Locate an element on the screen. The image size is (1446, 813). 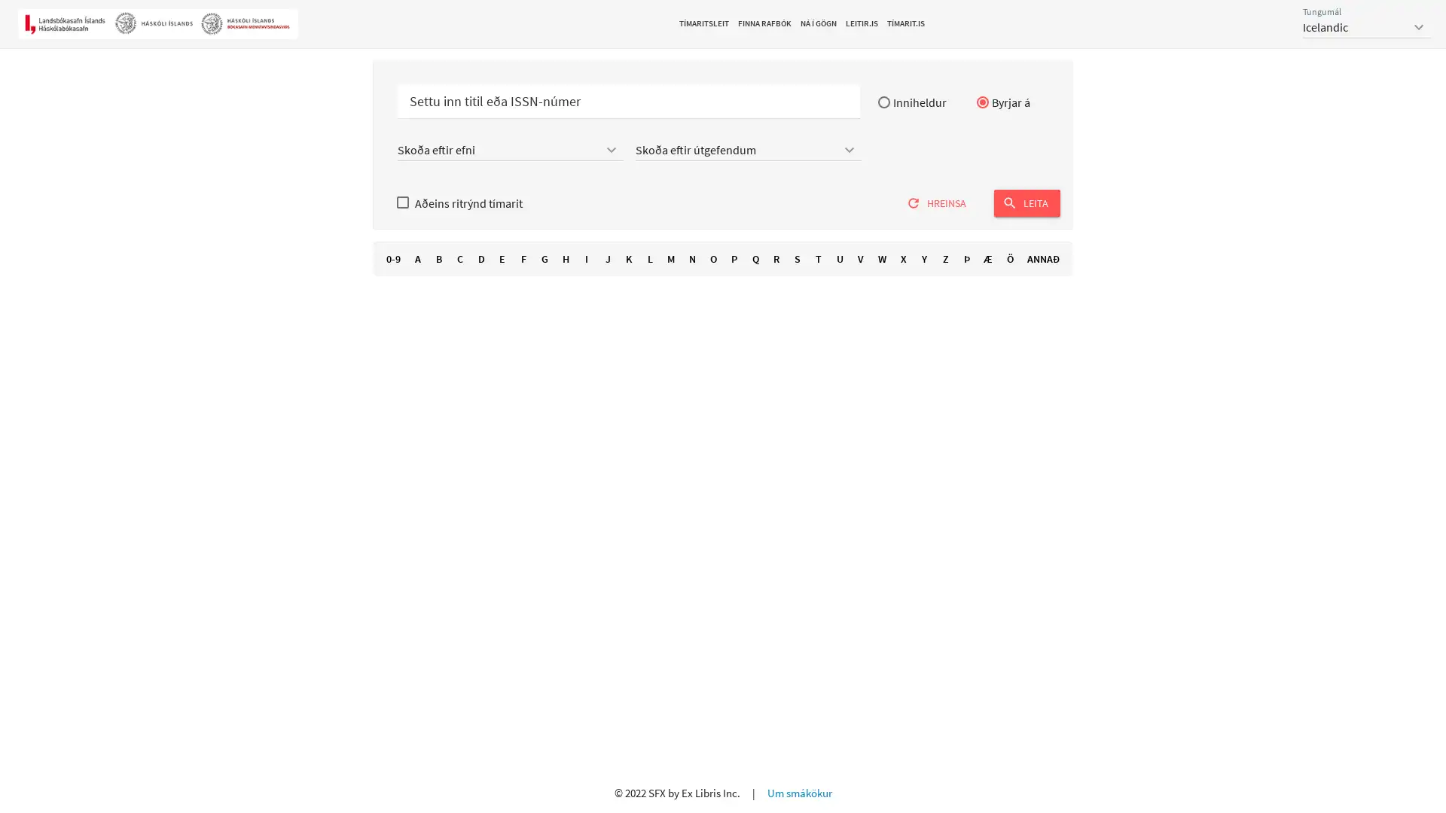
Y is located at coordinates (923, 257).